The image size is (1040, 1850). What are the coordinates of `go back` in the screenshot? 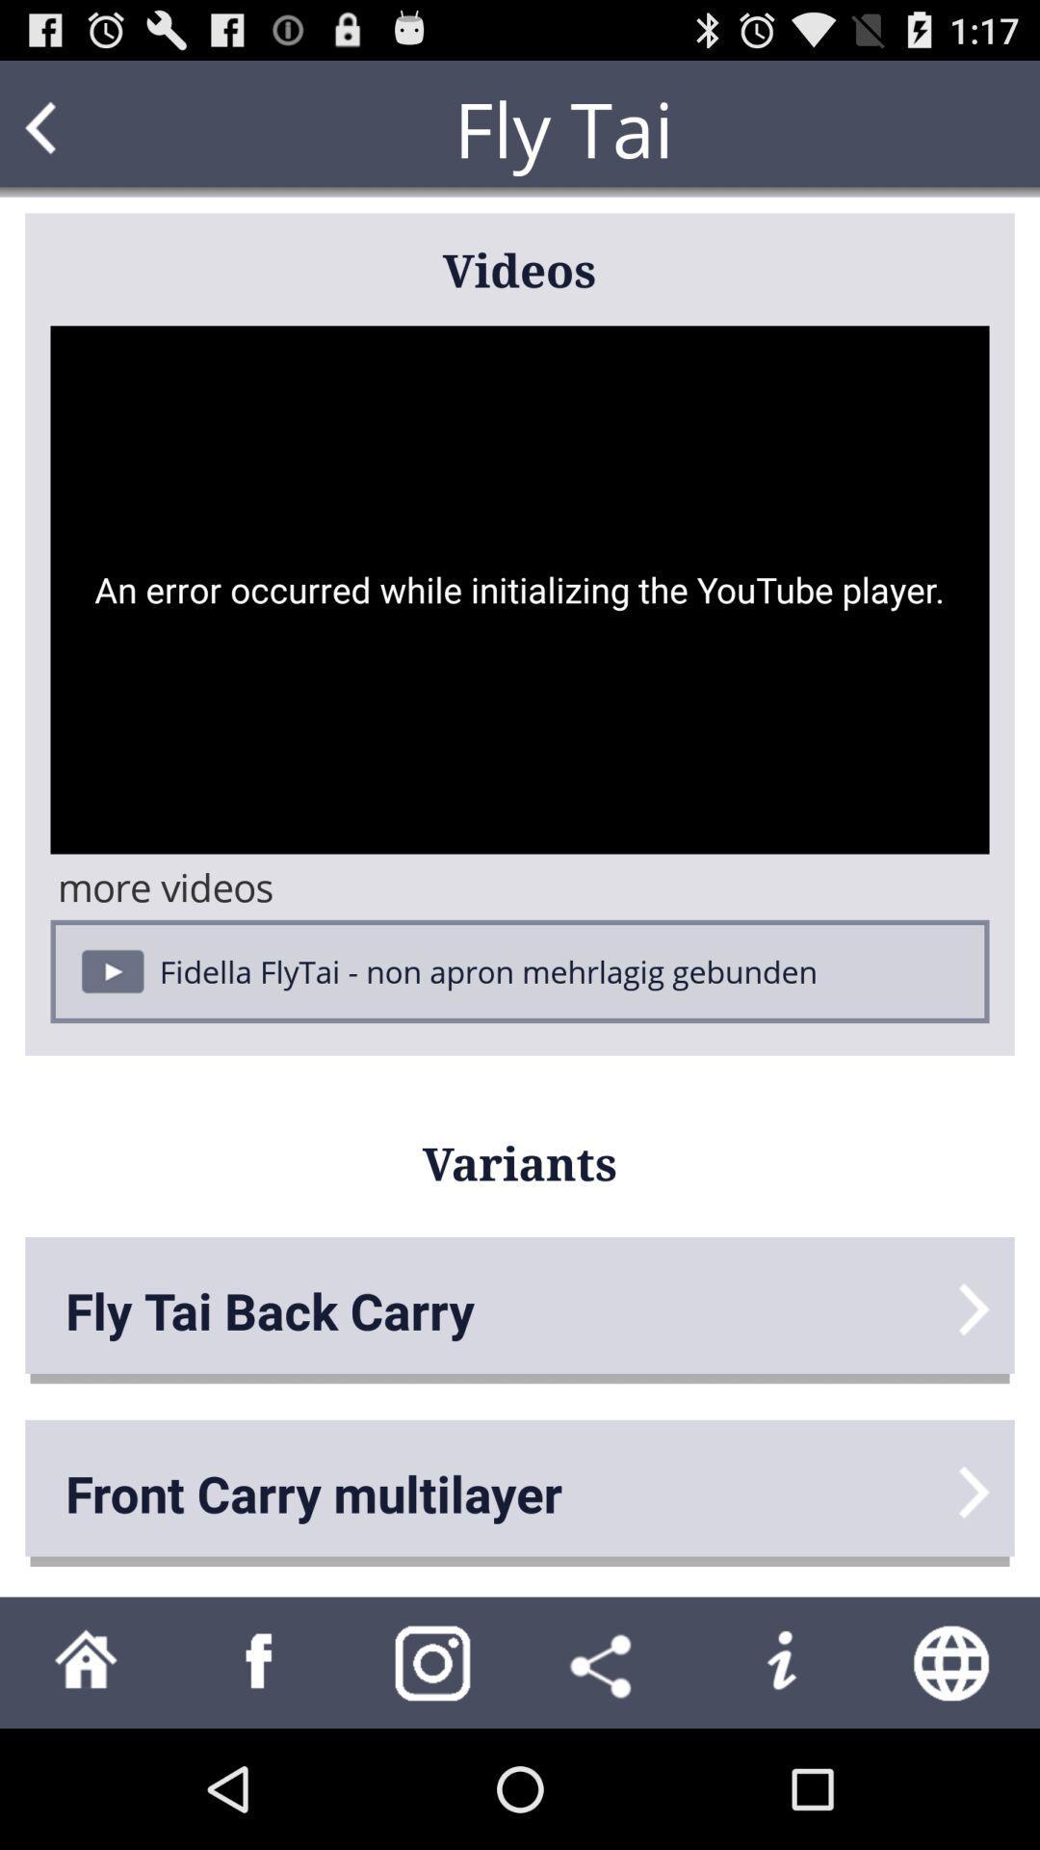 It's located at (77, 127).